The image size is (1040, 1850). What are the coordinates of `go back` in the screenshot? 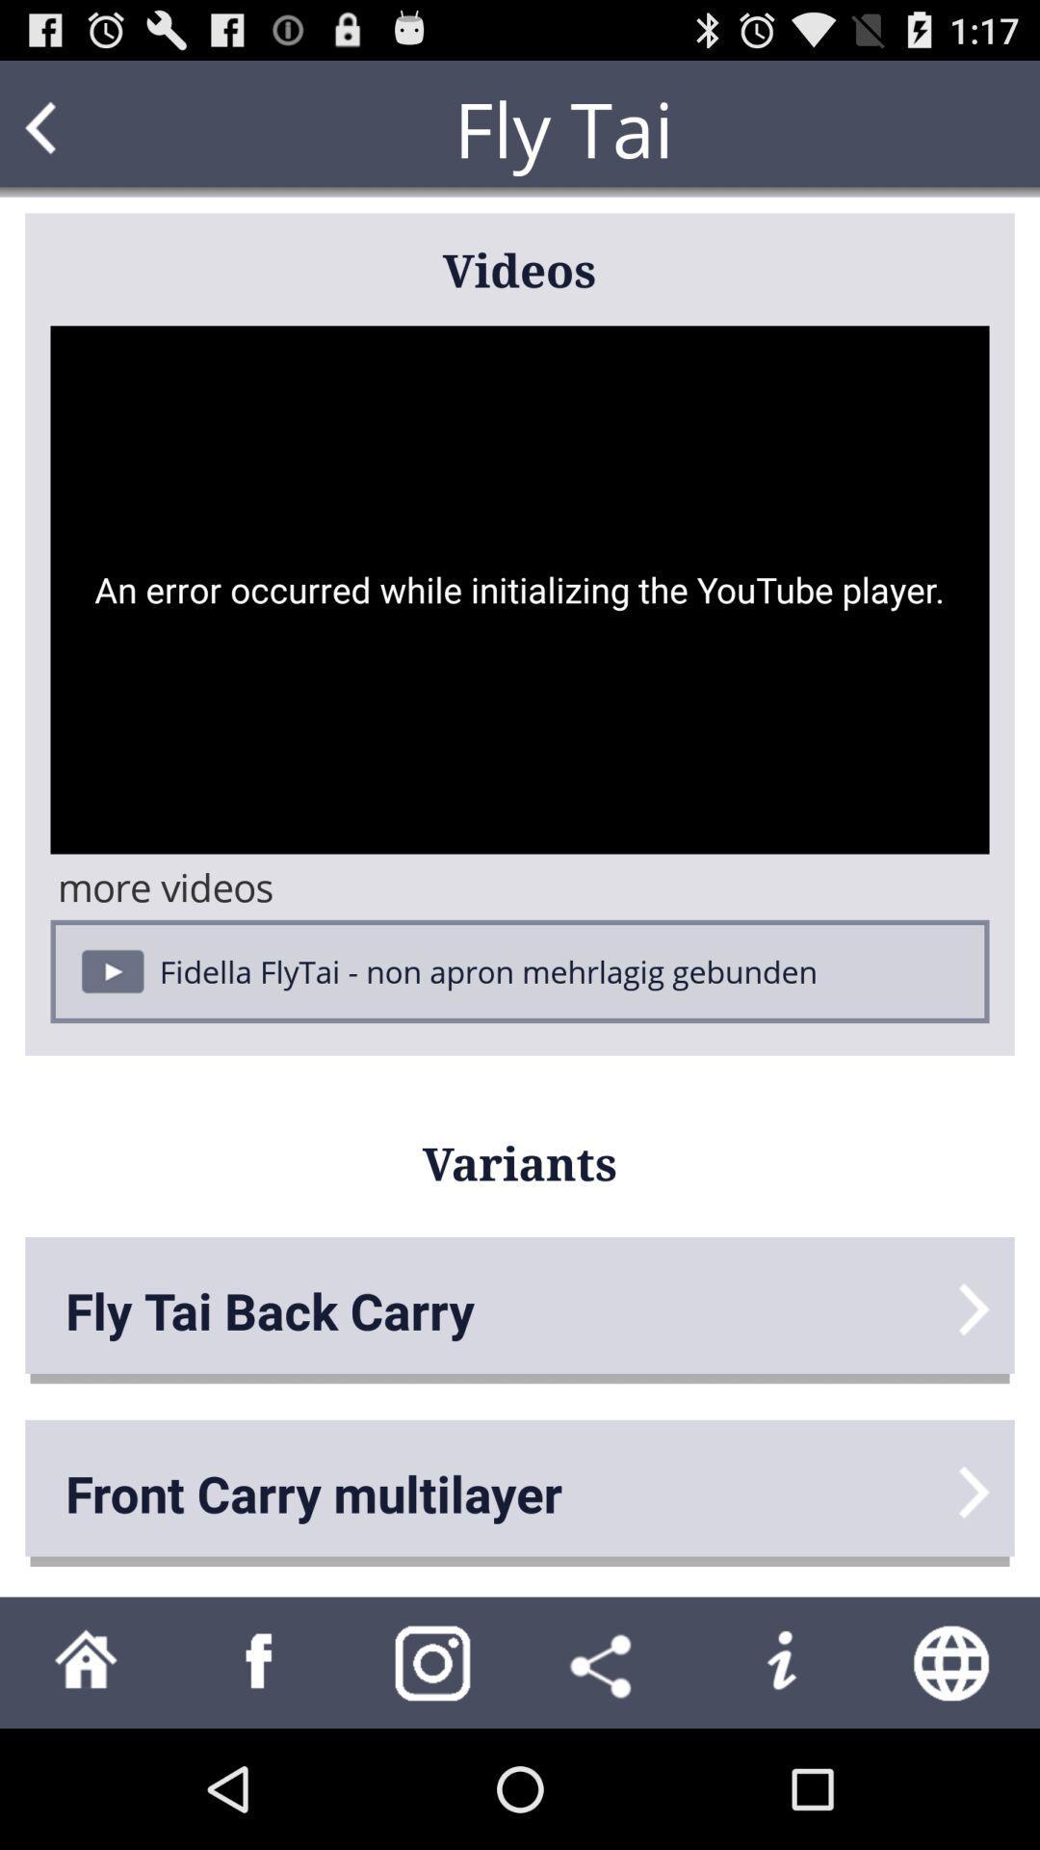 It's located at (77, 127).